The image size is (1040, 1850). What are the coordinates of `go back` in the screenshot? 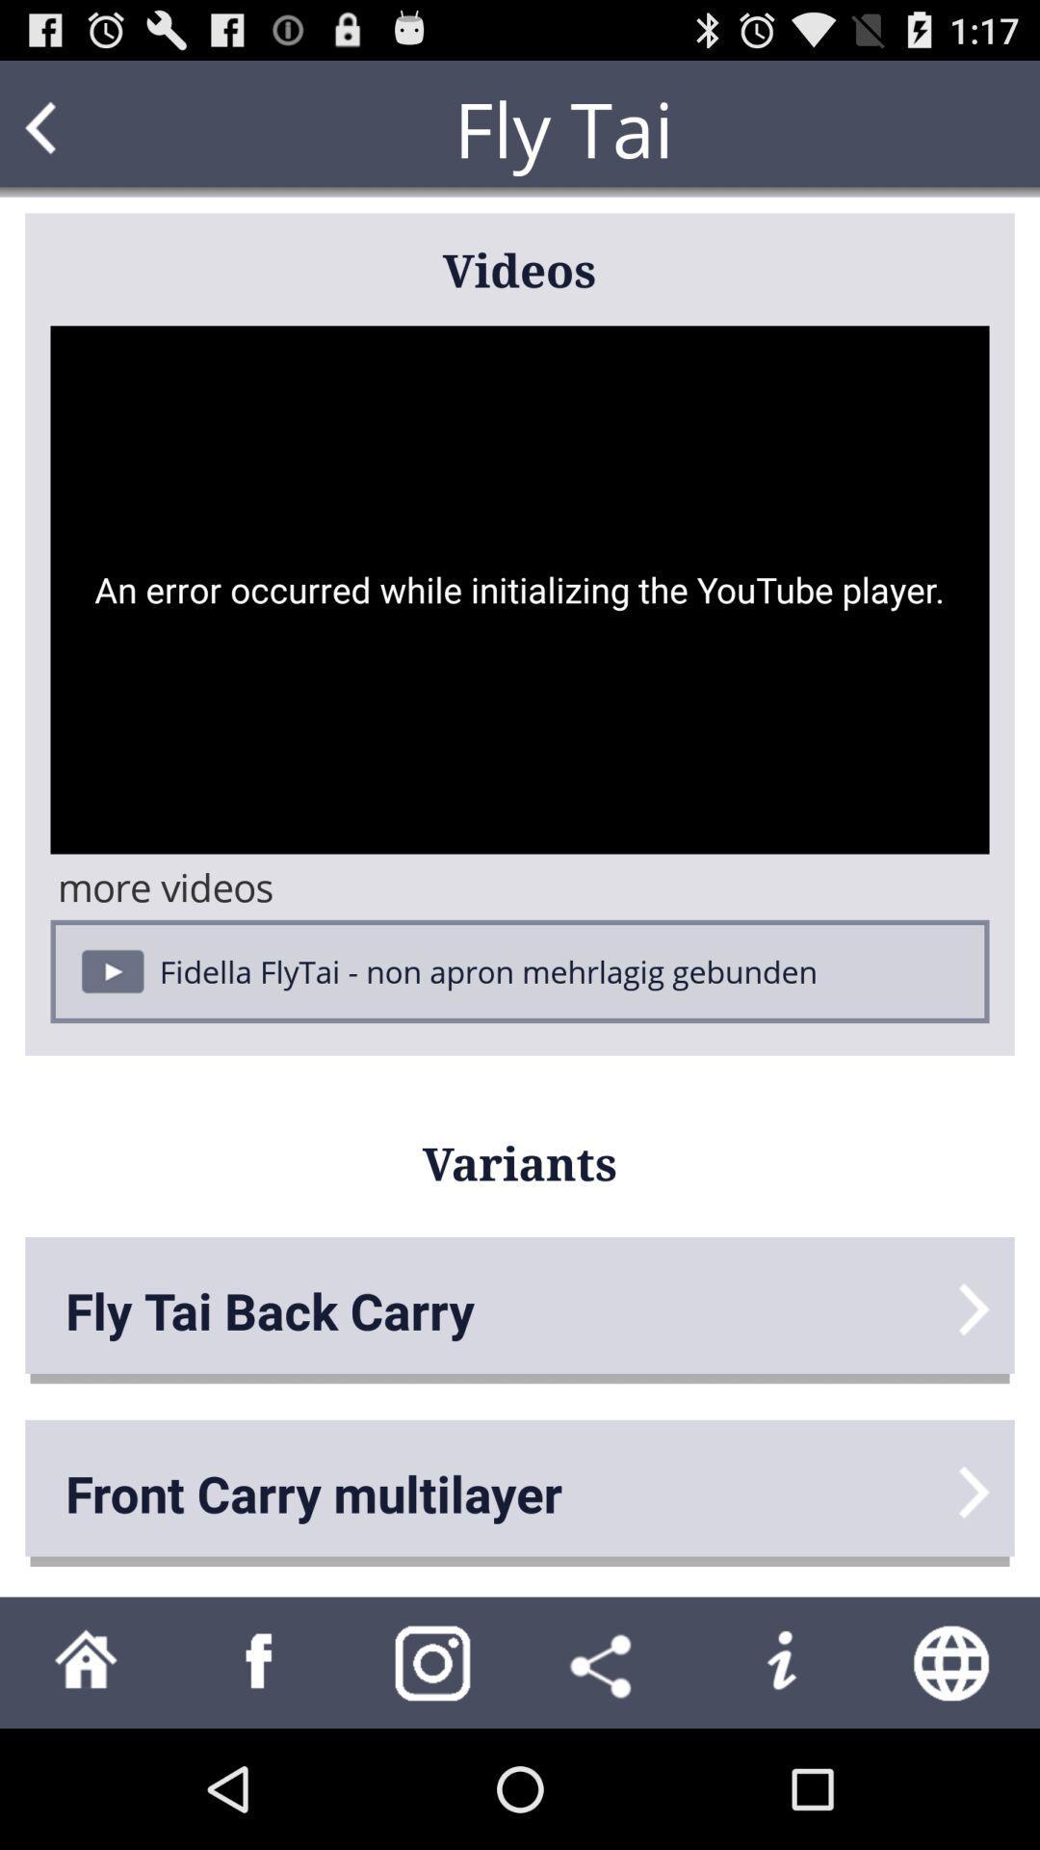 It's located at (77, 127).